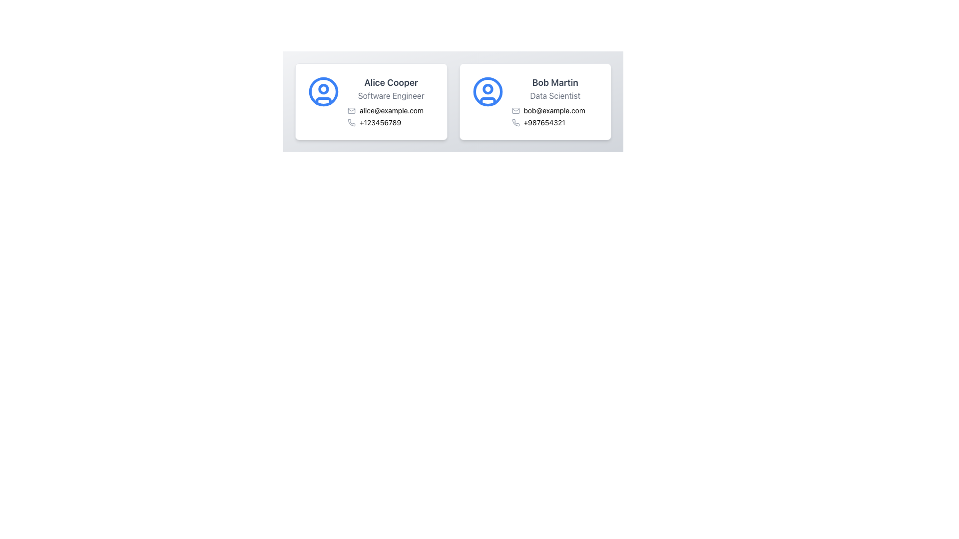 This screenshot has height=539, width=959. Describe the element at coordinates (352, 122) in the screenshot. I see `the telephone icon located to the left of the phone number text '+123456789' in the top section of the first card-like layout` at that location.